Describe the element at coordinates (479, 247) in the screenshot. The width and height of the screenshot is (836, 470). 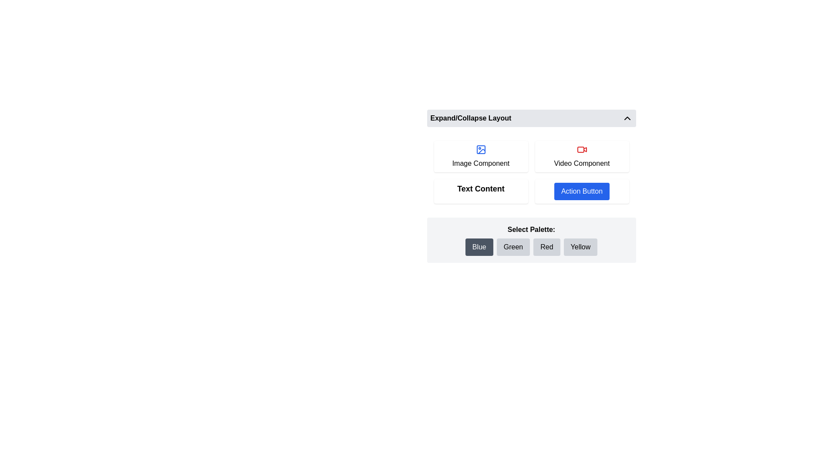
I see `the 'Blue' button` at that location.